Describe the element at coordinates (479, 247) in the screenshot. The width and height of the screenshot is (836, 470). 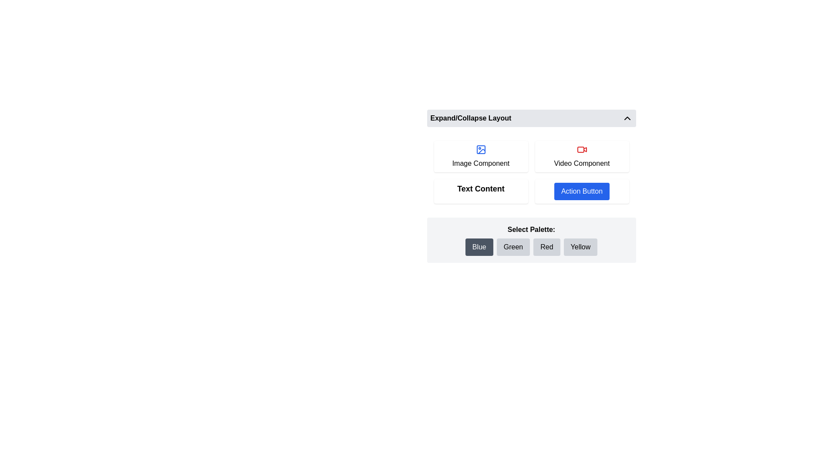
I see `the 'Blue' button` at that location.